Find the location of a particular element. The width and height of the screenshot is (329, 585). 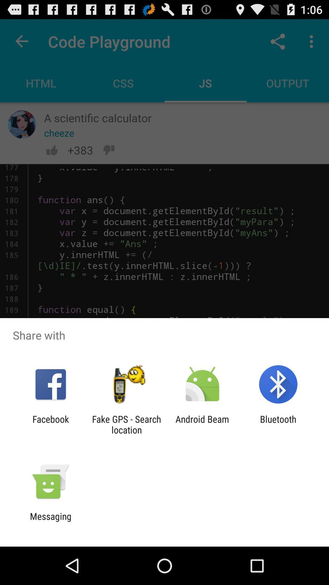

the item to the left of fake gps search icon is located at coordinates (50, 424).